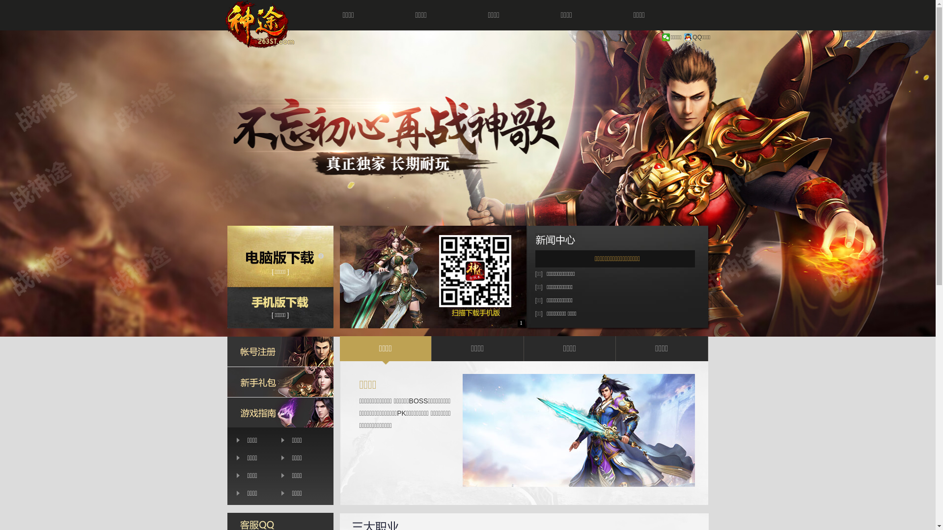 The height and width of the screenshot is (530, 943). Describe the element at coordinates (517, 323) in the screenshot. I see `'1'` at that location.